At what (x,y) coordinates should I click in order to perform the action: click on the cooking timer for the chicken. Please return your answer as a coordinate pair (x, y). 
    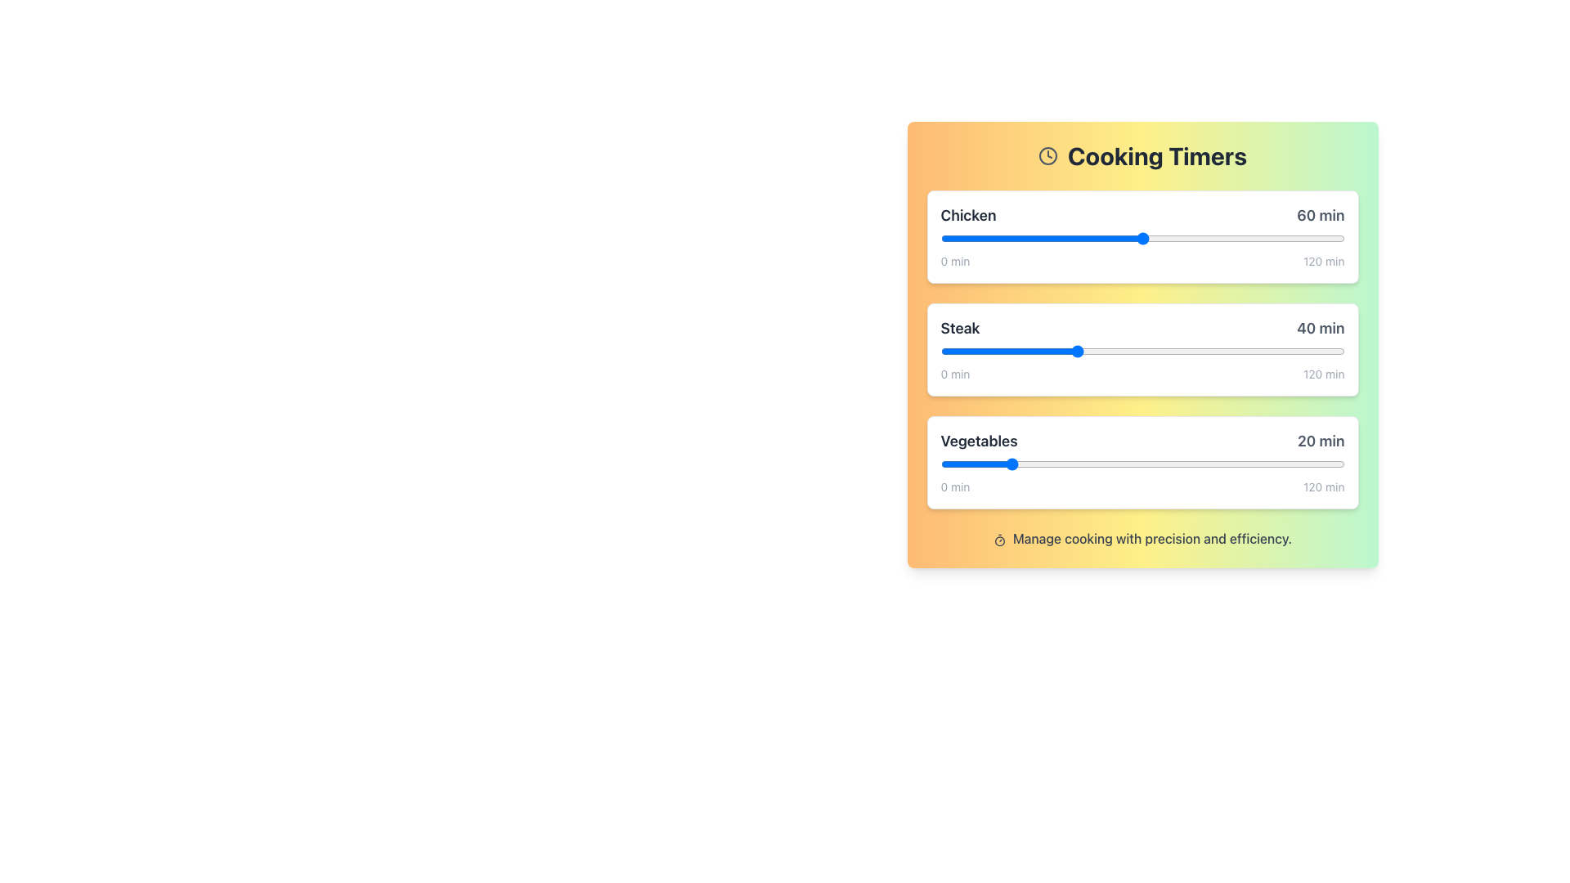
    Looking at the image, I should click on (1102, 239).